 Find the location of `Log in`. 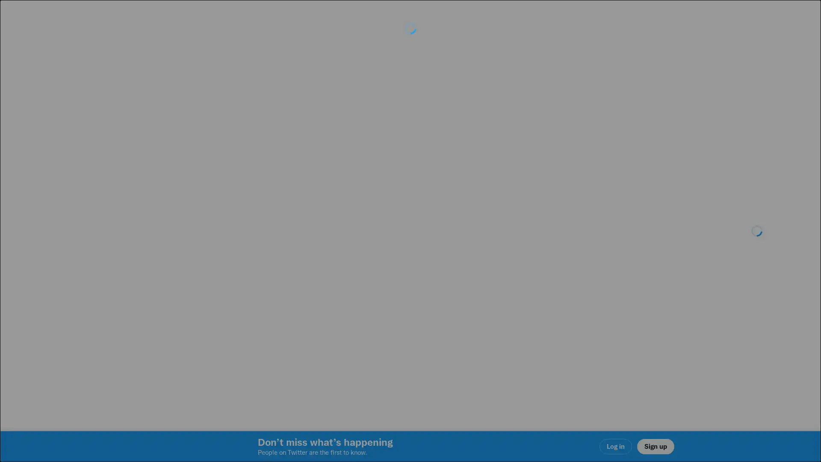

Log in is located at coordinates (513, 291).